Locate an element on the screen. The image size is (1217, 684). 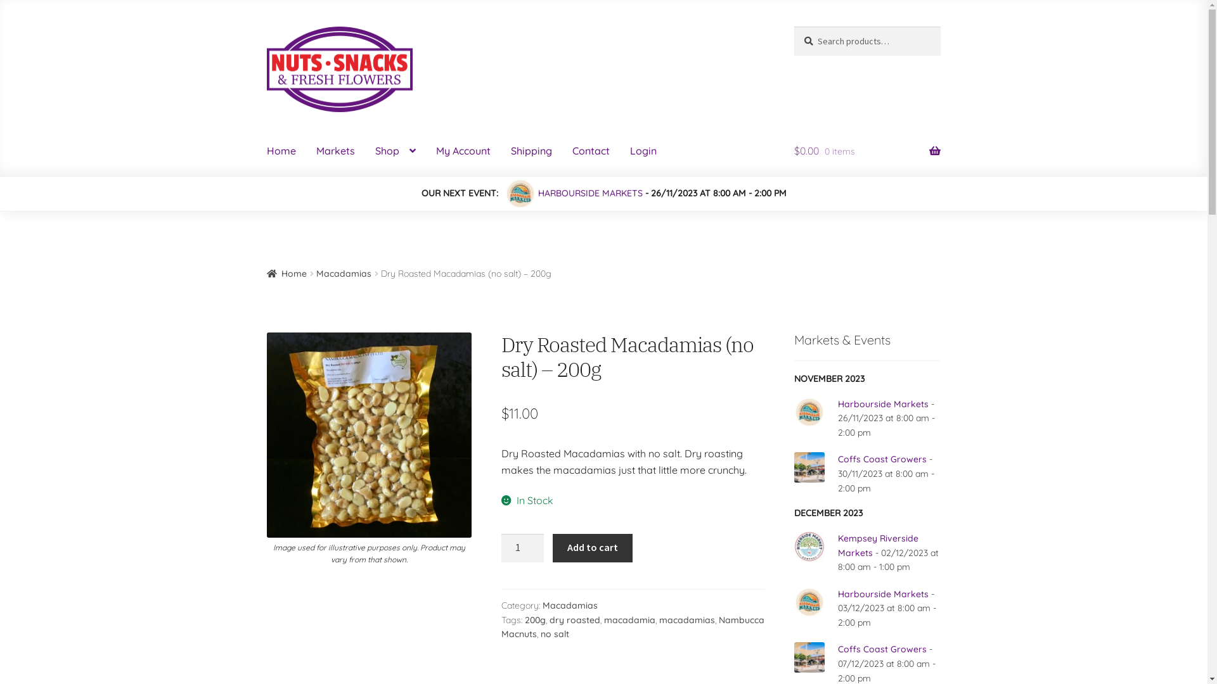
'macadamias' is located at coordinates (686, 619).